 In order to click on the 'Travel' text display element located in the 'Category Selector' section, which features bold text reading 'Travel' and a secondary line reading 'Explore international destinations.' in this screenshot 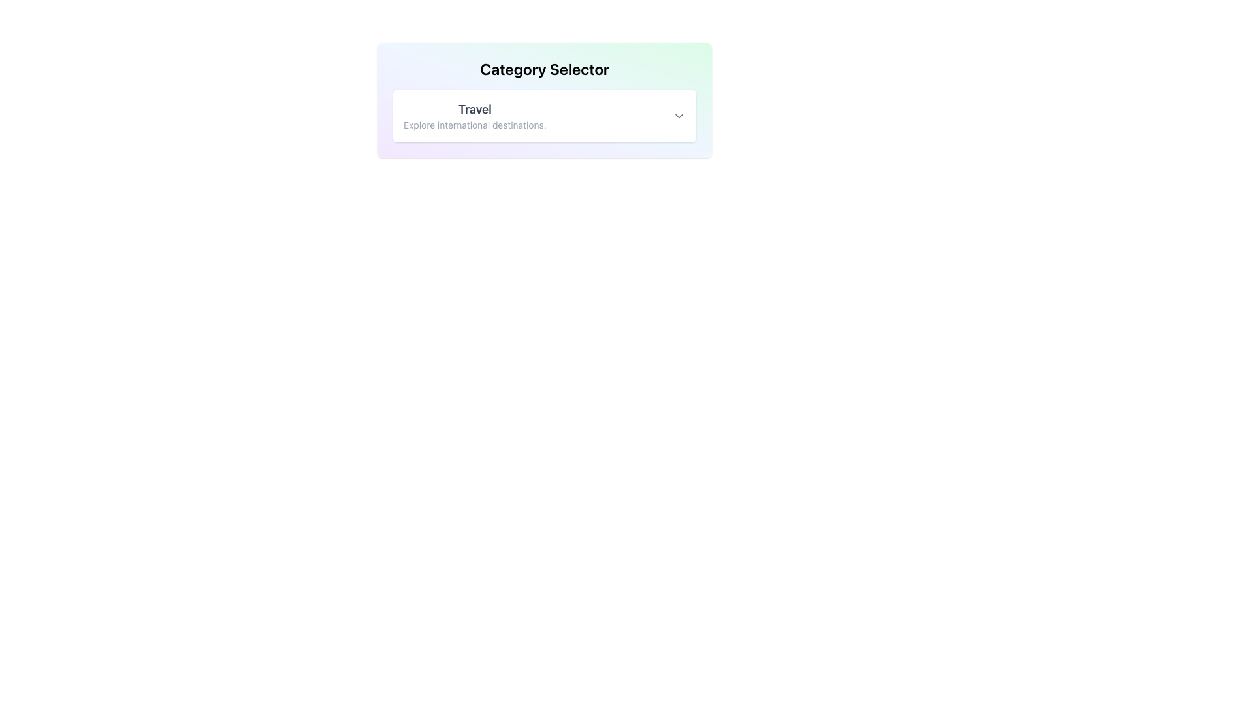, I will do `click(474, 115)`.